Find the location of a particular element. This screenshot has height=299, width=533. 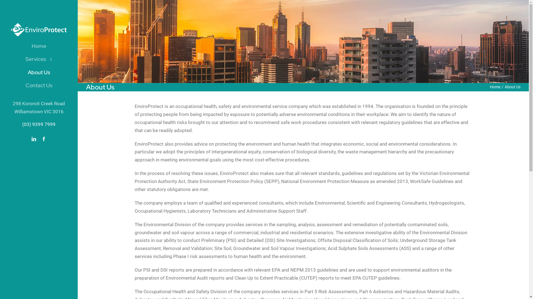

'(03) 9399 7999' is located at coordinates (38, 124).